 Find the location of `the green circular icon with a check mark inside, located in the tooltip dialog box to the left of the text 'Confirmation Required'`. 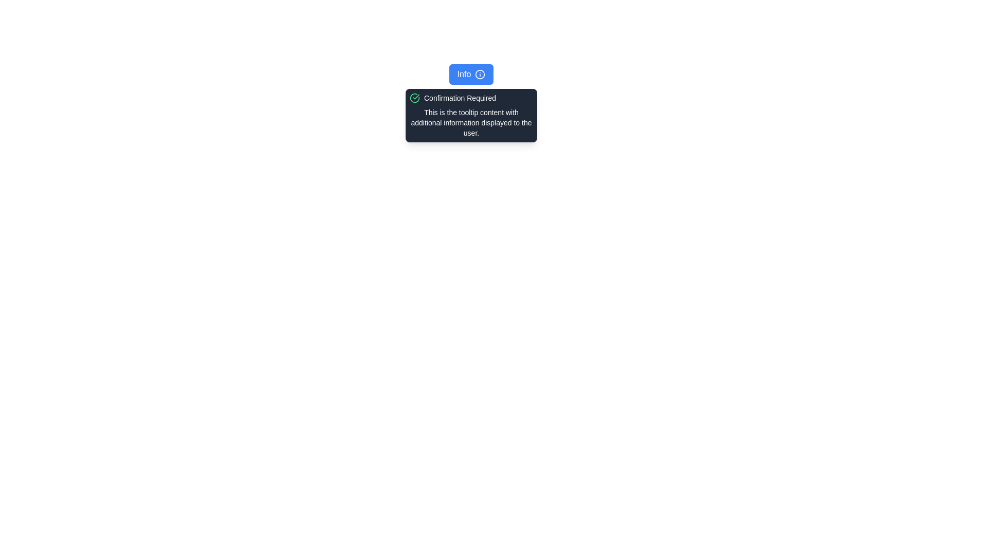

the green circular icon with a check mark inside, located in the tooltip dialog box to the left of the text 'Confirmation Required' is located at coordinates (414, 98).